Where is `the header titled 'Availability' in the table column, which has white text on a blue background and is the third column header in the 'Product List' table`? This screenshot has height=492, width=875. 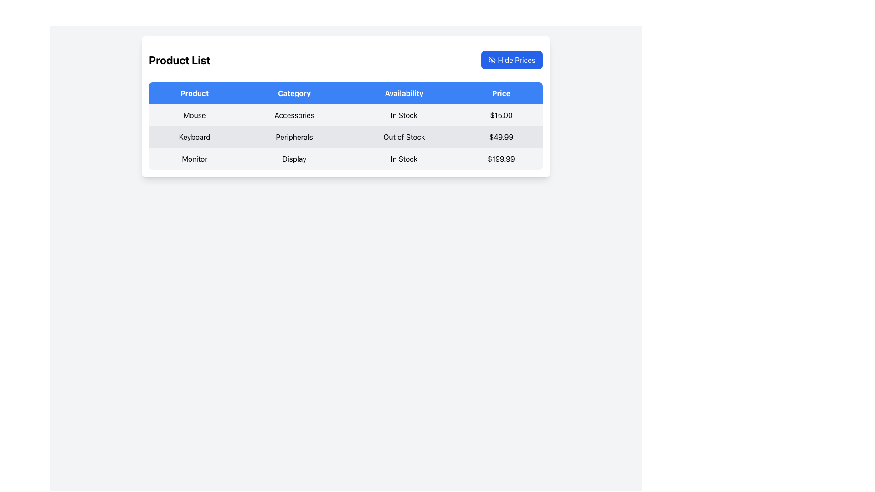 the header titled 'Availability' in the table column, which has white text on a blue background and is the third column header in the 'Product List' table is located at coordinates (404, 93).